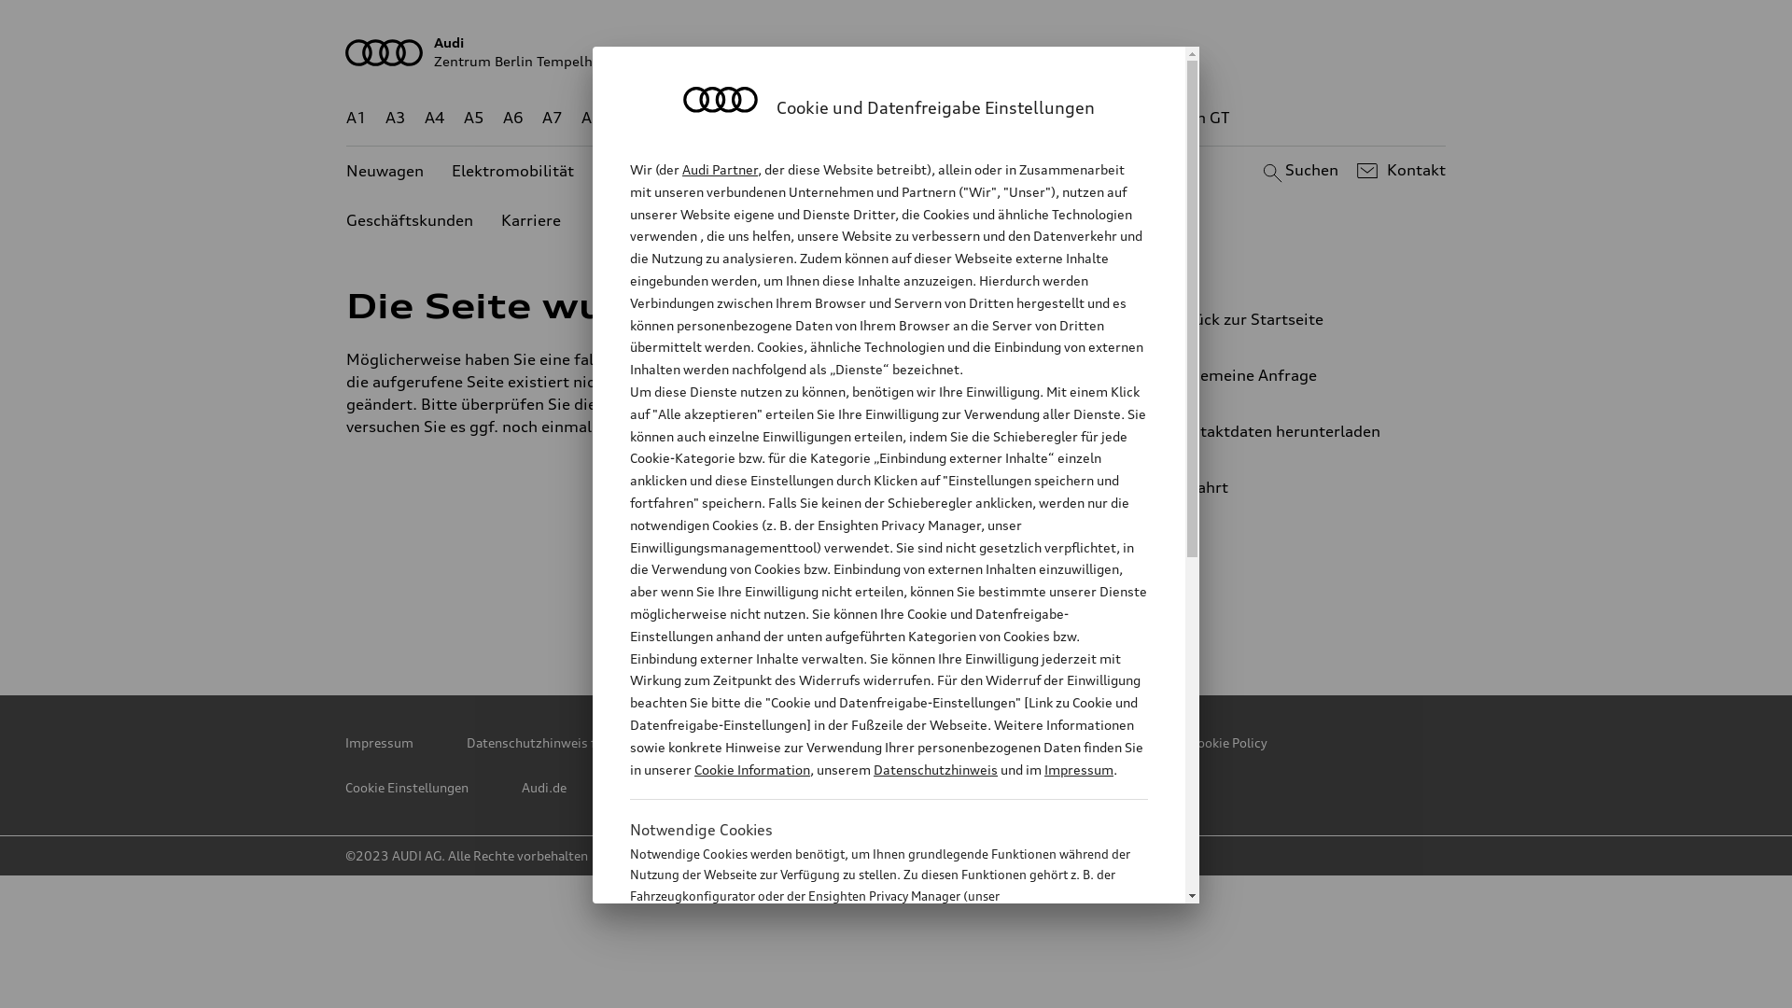 Image resolution: width=1792 pixels, height=1008 pixels. What do you see at coordinates (621, 118) in the screenshot?
I see `'Q2'` at bounding box center [621, 118].